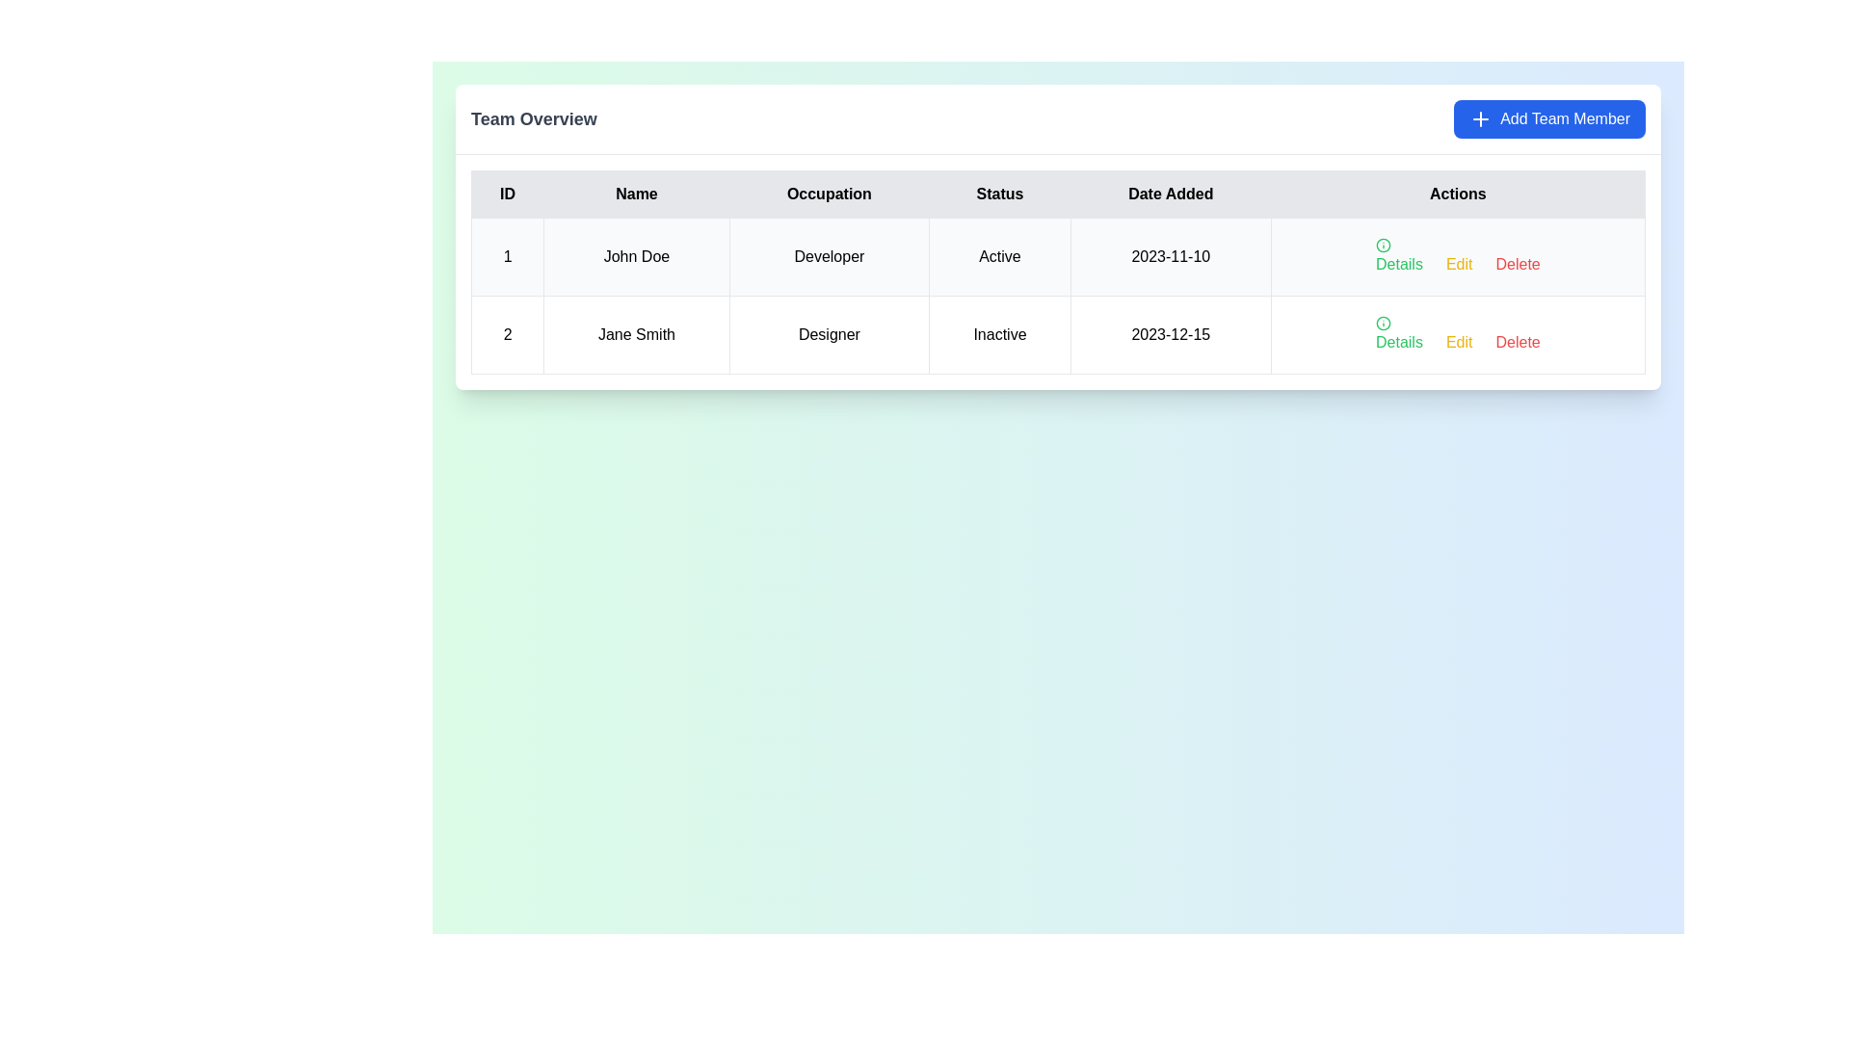  I want to click on text 'Date Added' from the table header cell that has a light grey background and bold, black text, located in the fifth column of the table header row, so click(1170, 194).